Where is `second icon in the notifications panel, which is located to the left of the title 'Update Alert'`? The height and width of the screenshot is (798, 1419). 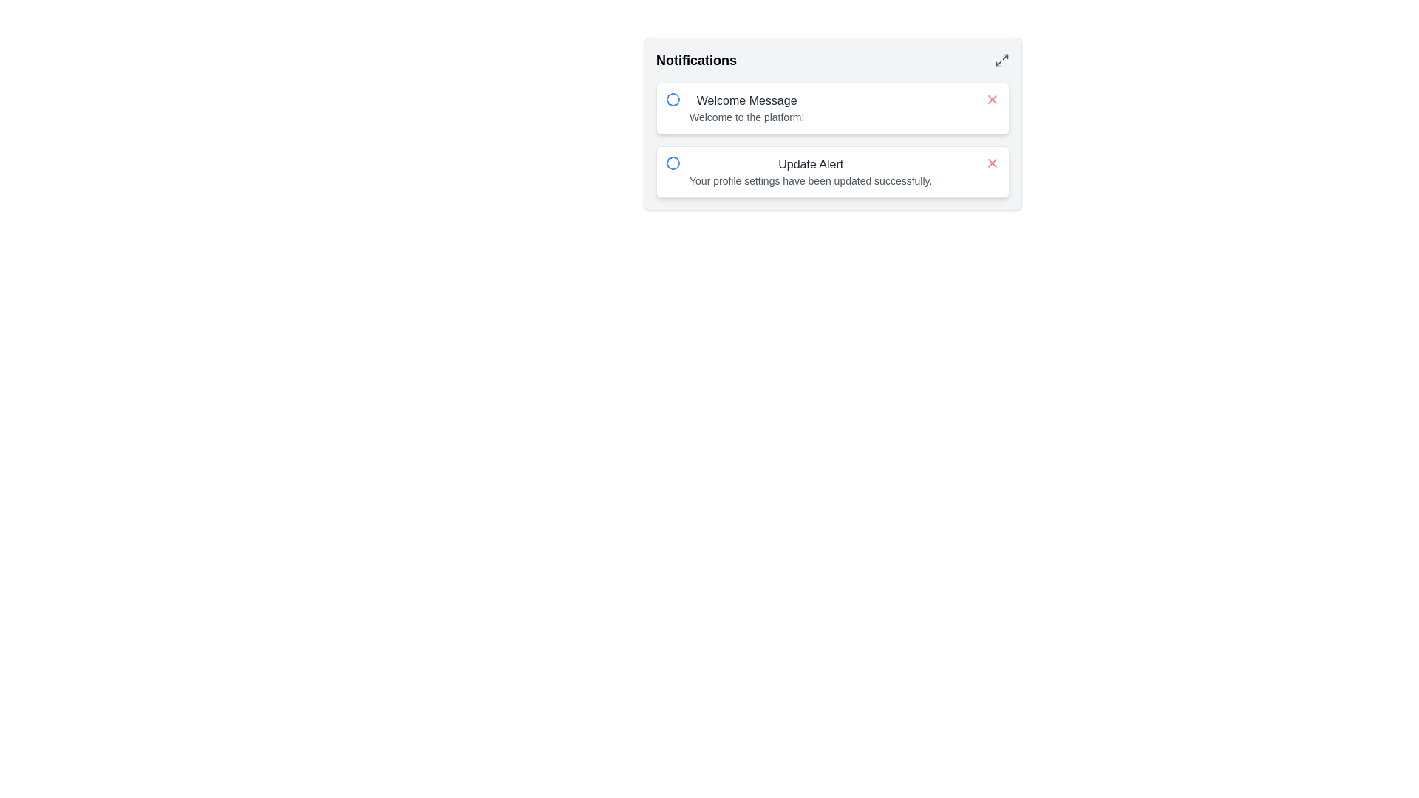
second icon in the notifications panel, which is located to the left of the title 'Update Alert' is located at coordinates (673, 163).